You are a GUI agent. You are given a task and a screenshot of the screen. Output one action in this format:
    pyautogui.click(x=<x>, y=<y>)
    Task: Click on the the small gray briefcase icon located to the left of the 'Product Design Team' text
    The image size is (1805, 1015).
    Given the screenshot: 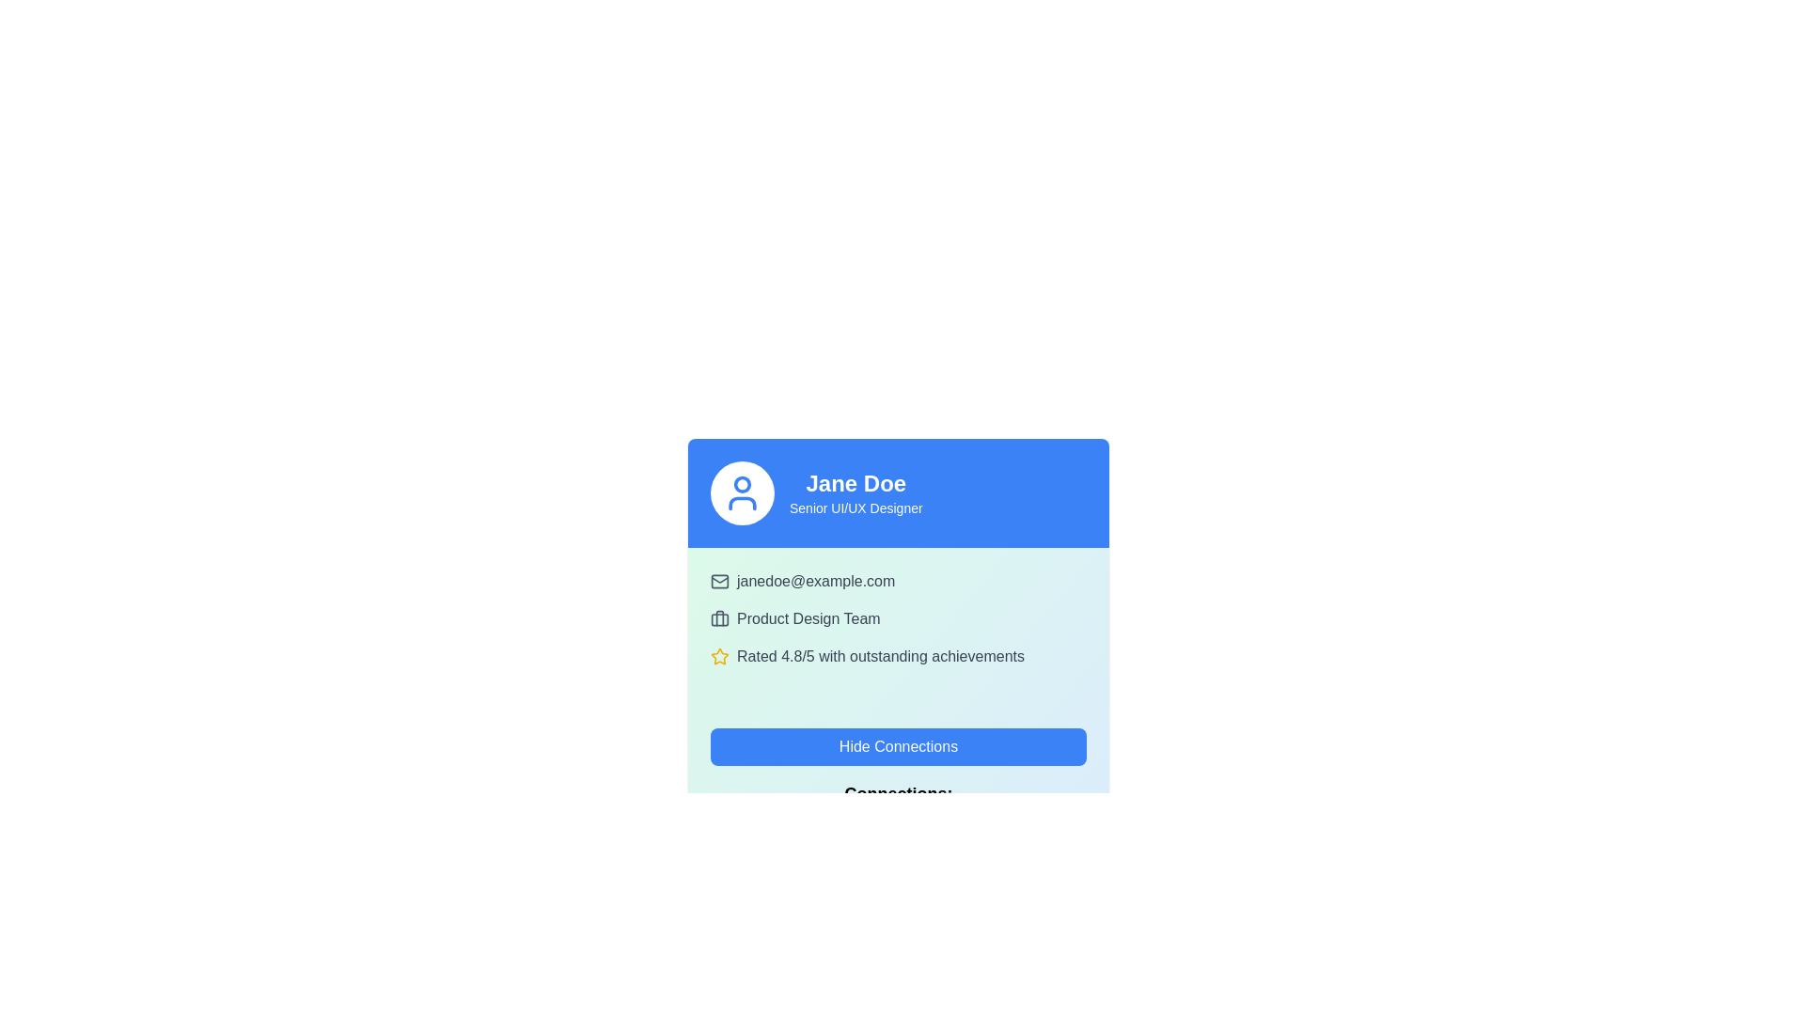 What is the action you would take?
    pyautogui.click(x=719, y=619)
    